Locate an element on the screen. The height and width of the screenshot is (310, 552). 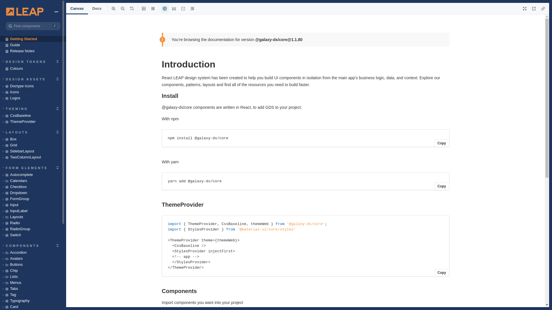
'Colours' is located at coordinates (33, 68).